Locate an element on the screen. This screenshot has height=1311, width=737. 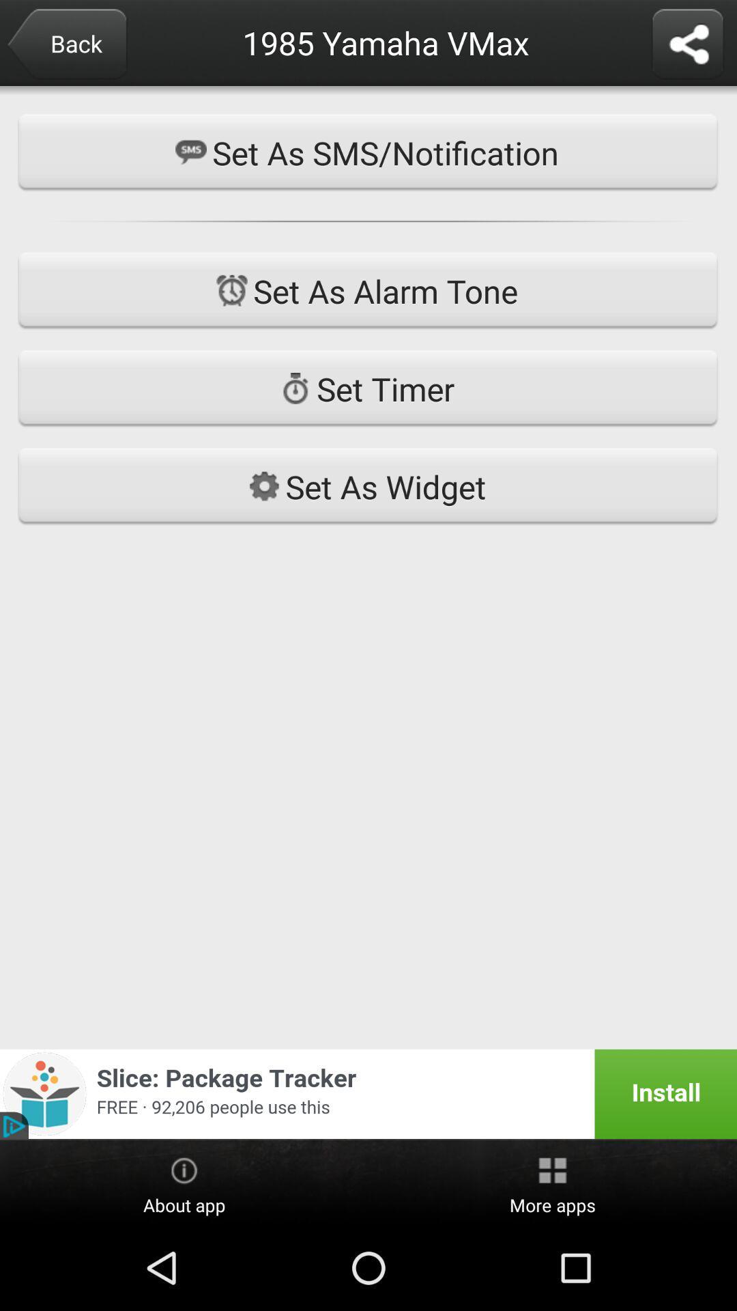
the item at the top right corner is located at coordinates (687, 45).